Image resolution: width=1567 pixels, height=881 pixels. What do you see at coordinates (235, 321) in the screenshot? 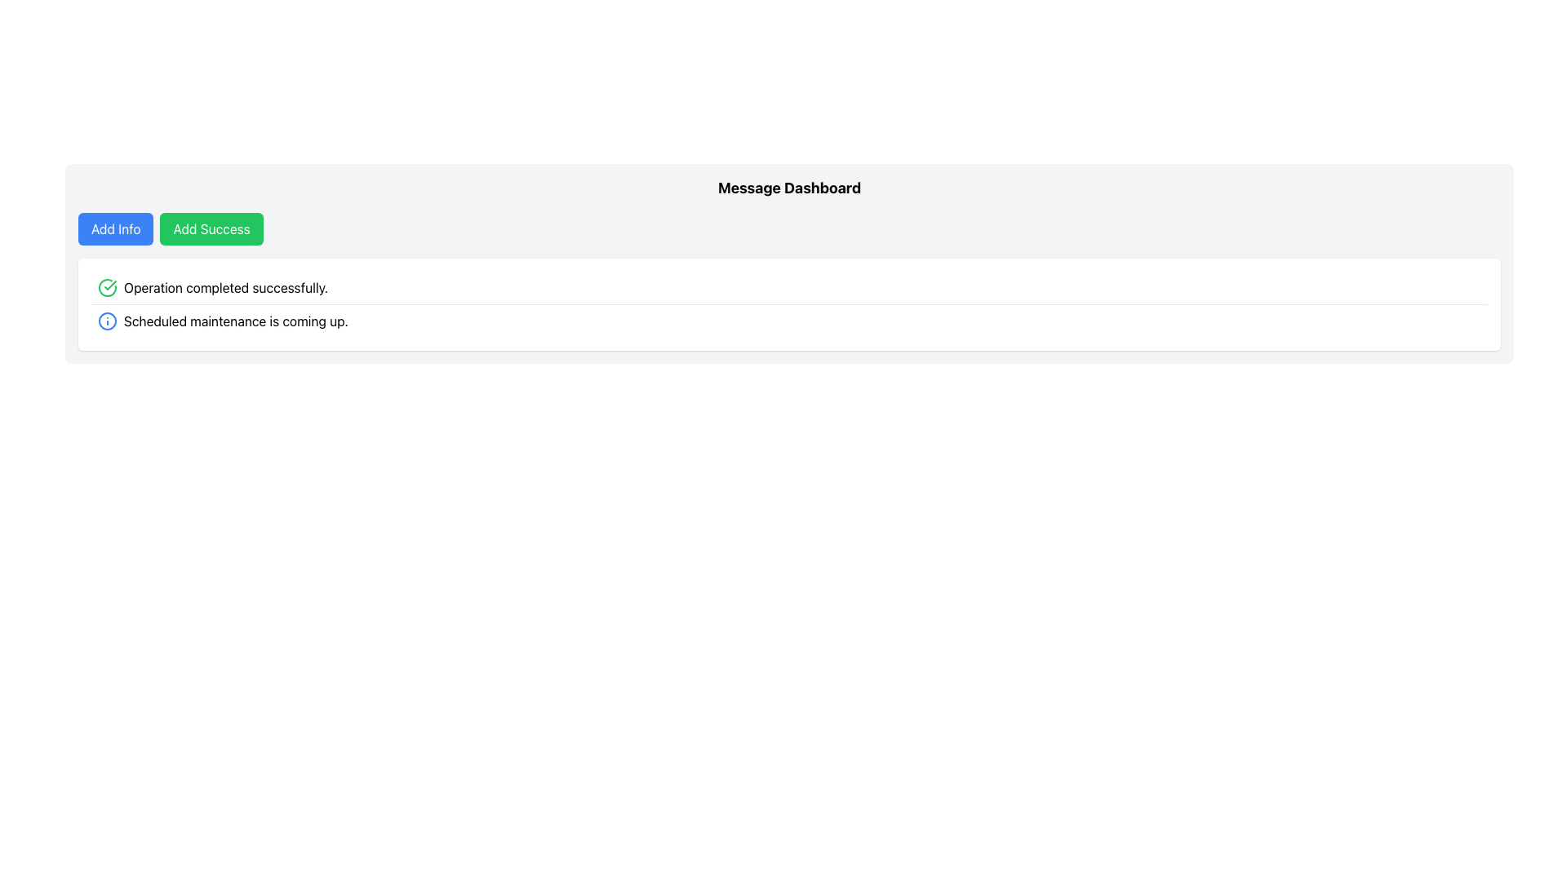
I see `informational message from the static text label regarding upcoming scheduled maintenance, which is the second notification entry in the list below 'Operation completed successfully'` at bounding box center [235, 321].